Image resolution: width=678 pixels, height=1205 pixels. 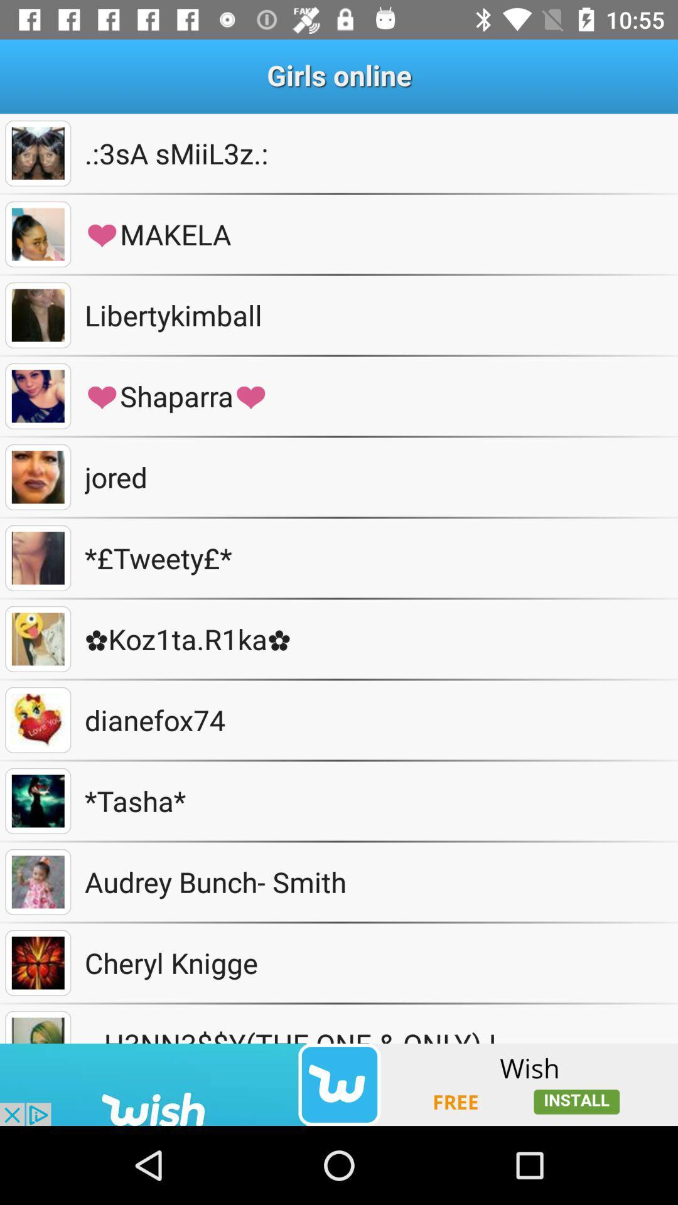 I want to click on chat profile girl, so click(x=37, y=639).